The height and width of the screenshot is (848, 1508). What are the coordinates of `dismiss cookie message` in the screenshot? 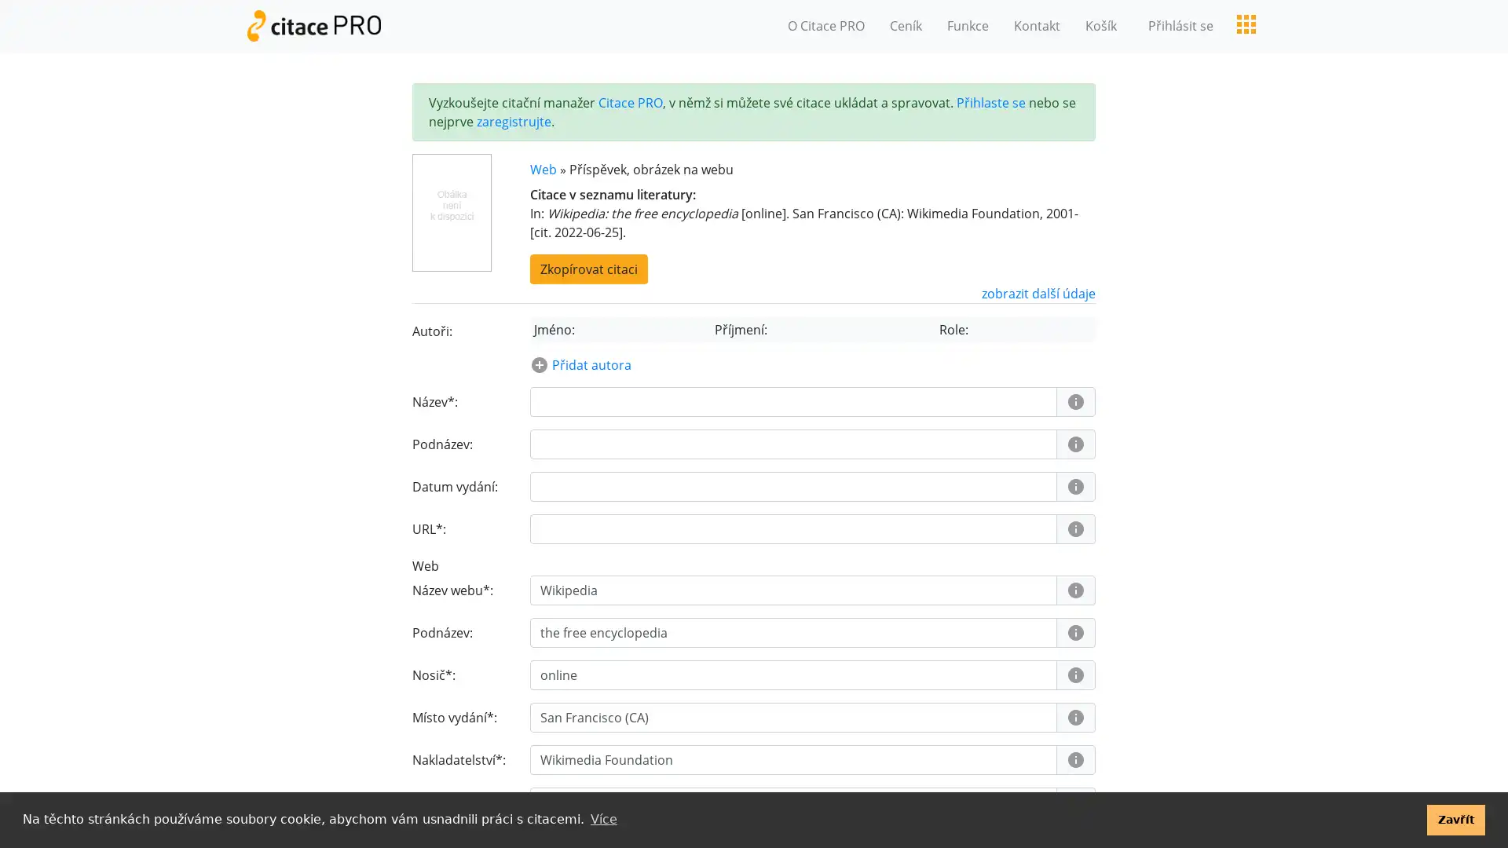 It's located at (1455, 819).